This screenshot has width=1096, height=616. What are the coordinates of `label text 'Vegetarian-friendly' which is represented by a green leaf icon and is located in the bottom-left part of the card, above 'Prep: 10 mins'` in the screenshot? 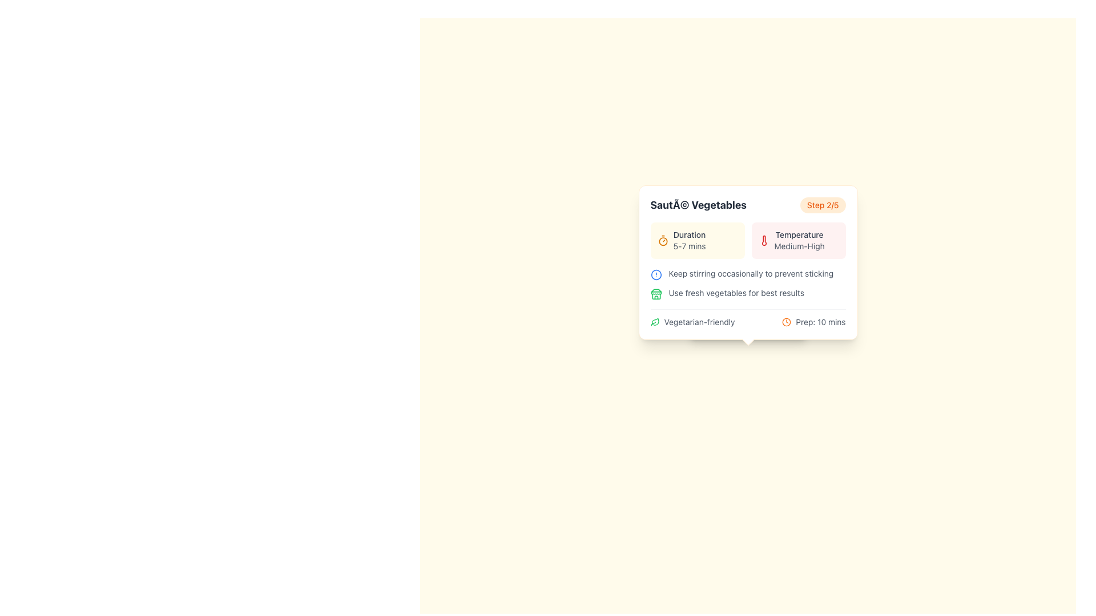 It's located at (692, 322).